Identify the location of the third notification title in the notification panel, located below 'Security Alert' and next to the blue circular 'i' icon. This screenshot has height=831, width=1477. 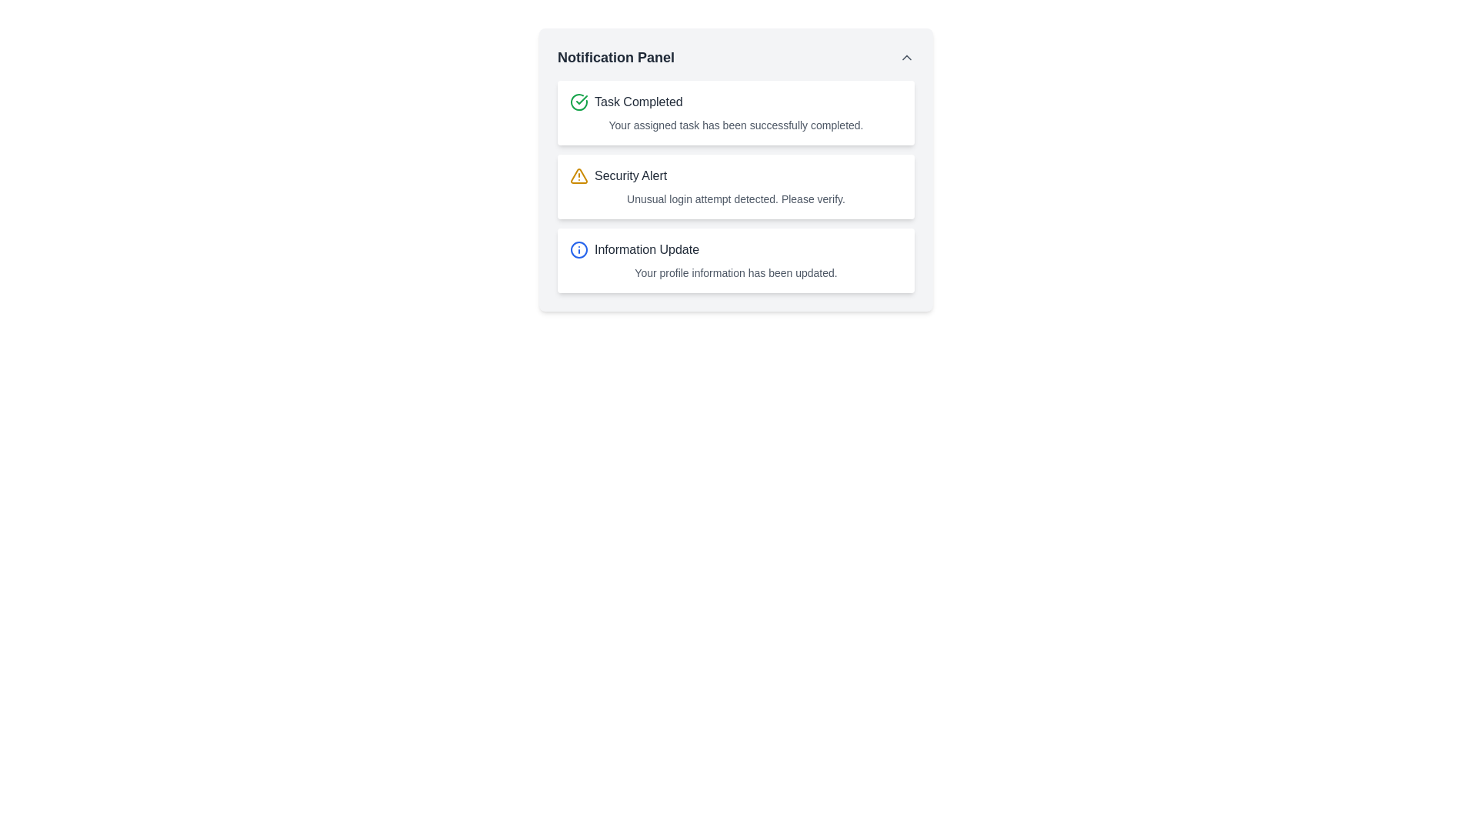
(646, 249).